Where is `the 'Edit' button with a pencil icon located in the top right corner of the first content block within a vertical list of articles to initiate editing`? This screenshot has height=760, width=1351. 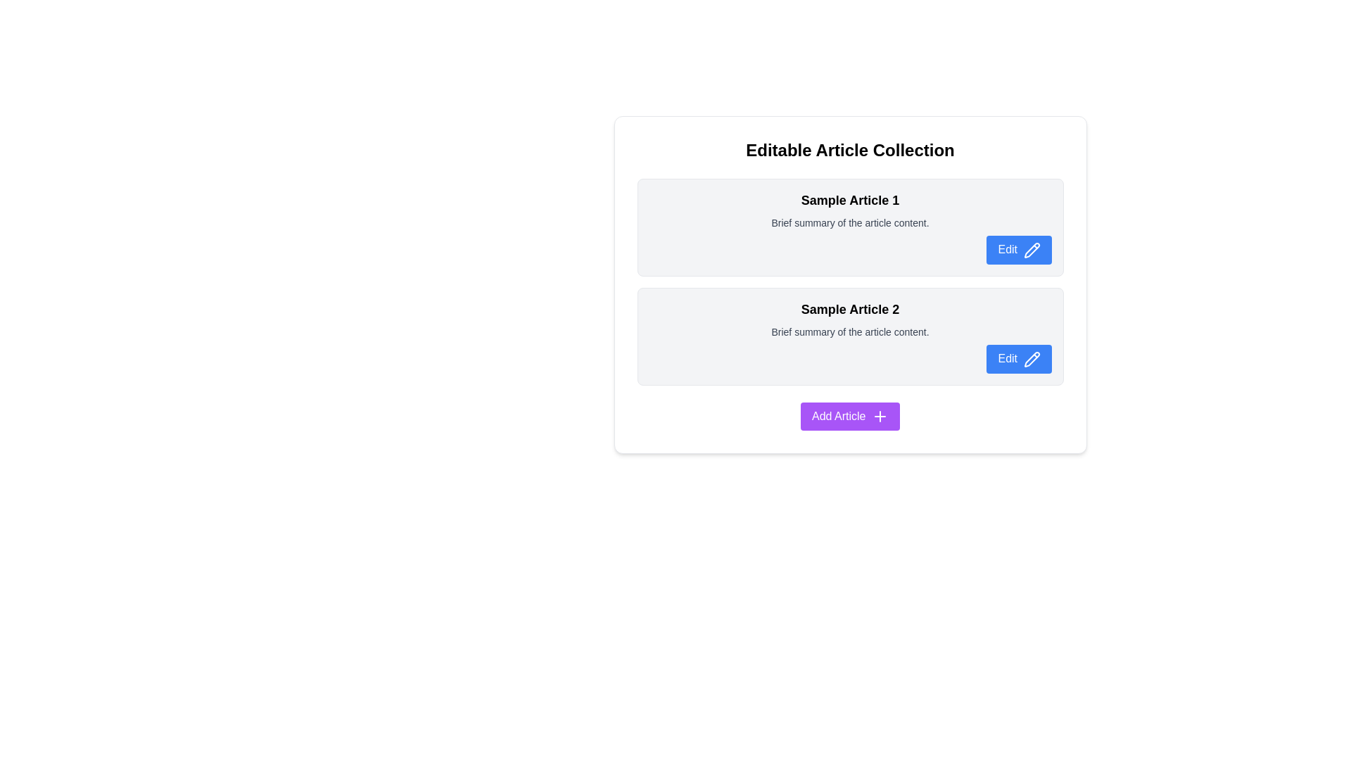 the 'Edit' button with a pencil icon located in the top right corner of the first content block within a vertical list of articles to initiate editing is located at coordinates (1019, 249).